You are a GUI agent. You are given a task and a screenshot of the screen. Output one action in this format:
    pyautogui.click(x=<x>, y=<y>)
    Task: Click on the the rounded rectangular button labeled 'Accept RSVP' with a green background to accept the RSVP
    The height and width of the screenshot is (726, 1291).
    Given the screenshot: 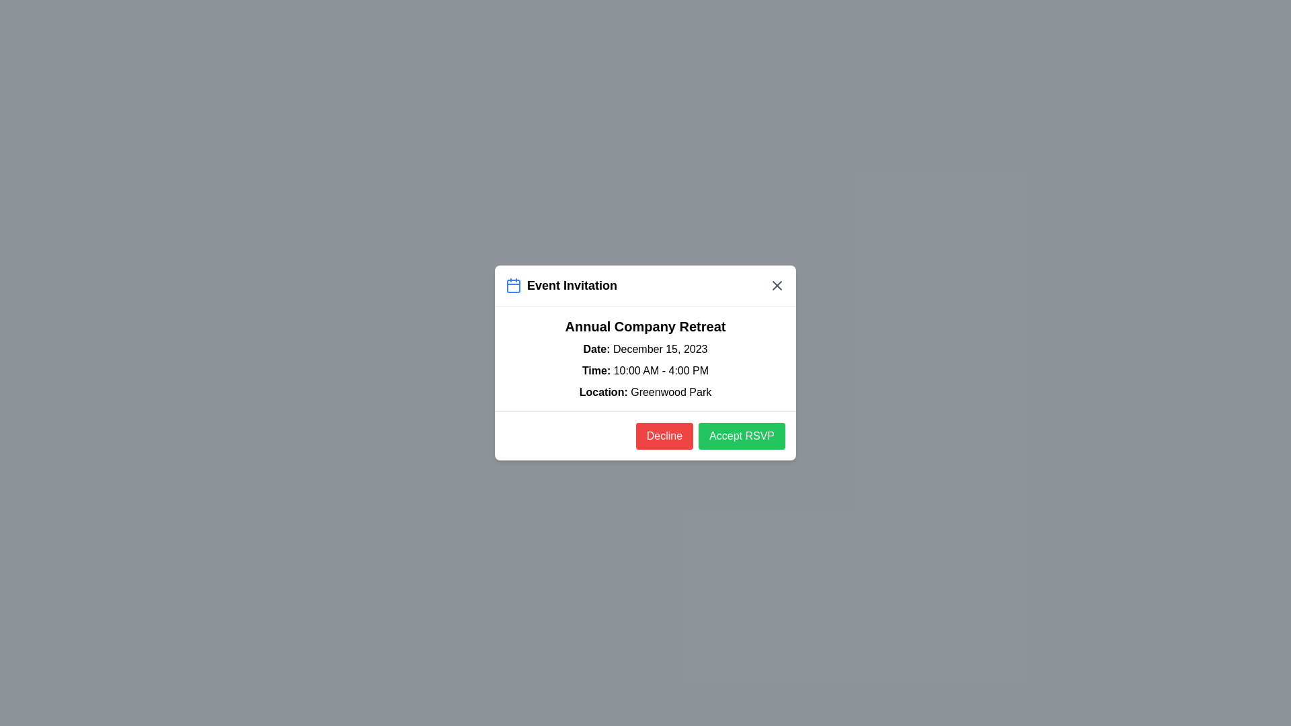 What is the action you would take?
    pyautogui.click(x=741, y=436)
    